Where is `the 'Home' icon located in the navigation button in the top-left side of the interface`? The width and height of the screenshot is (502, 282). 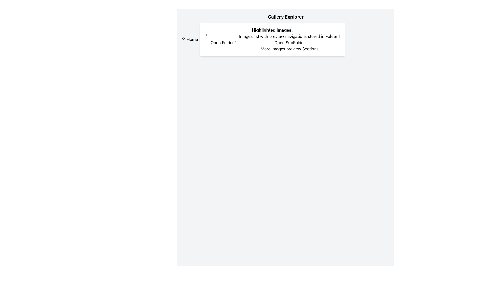 the 'Home' icon located in the navigation button in the top-left side of the interface is located at coordinates (183, 39).